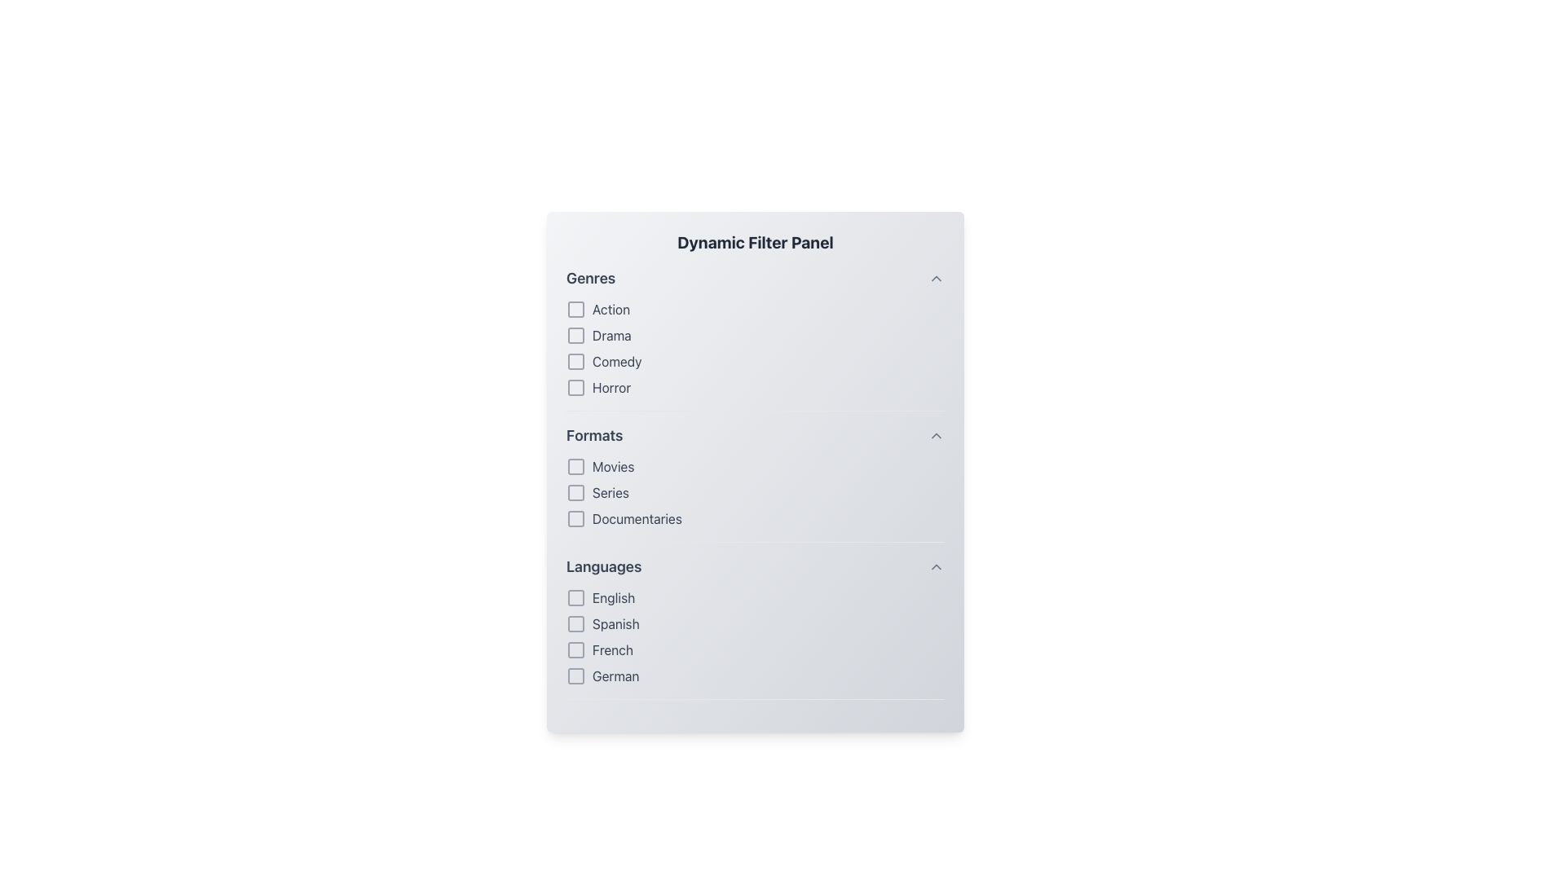  Describe the element at coordinates (936, 278) in the screenshot. I see `the Interactive Icon (Chevron) located to the right of the 'Genres' section title for visual feedback` at that location.